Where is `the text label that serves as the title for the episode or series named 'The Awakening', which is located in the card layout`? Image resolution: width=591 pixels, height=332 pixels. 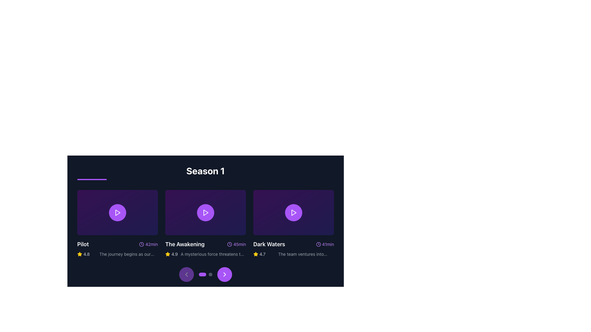
the text label that serves as the title for the episode or series named 'The Awakening', which is located in the card layout is located at coordinates (184, 244).